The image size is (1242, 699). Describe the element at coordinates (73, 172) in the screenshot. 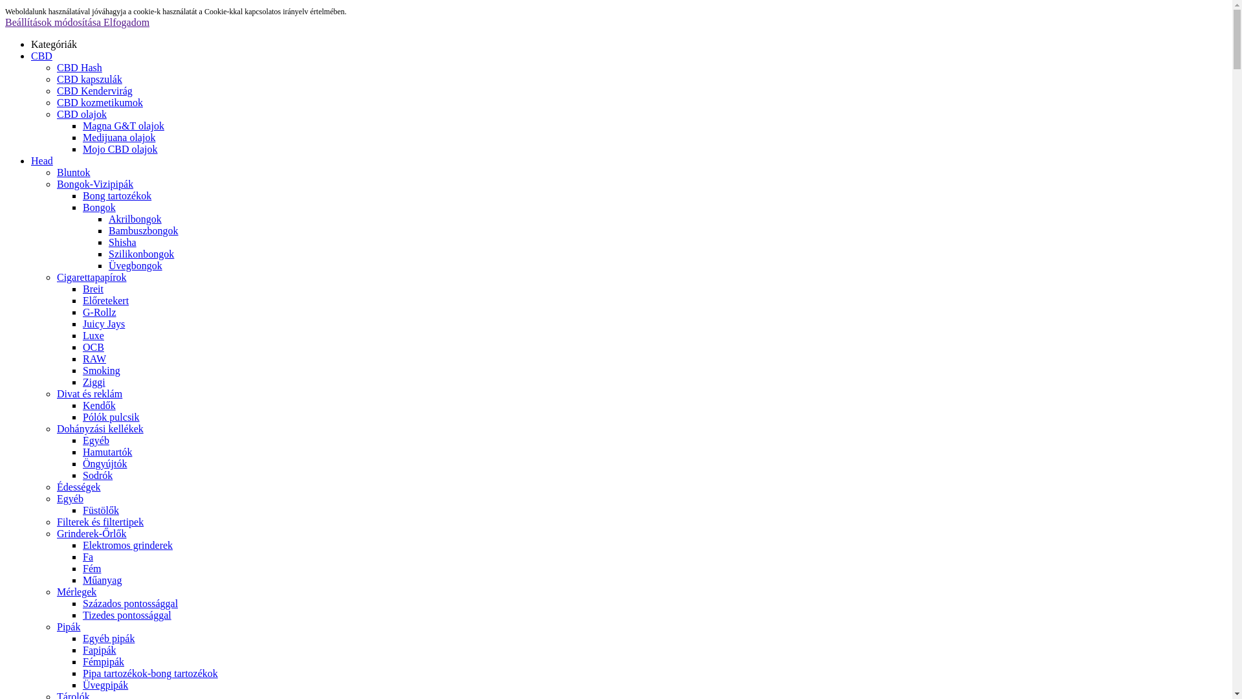

I see `'Bluntok'` at that location.